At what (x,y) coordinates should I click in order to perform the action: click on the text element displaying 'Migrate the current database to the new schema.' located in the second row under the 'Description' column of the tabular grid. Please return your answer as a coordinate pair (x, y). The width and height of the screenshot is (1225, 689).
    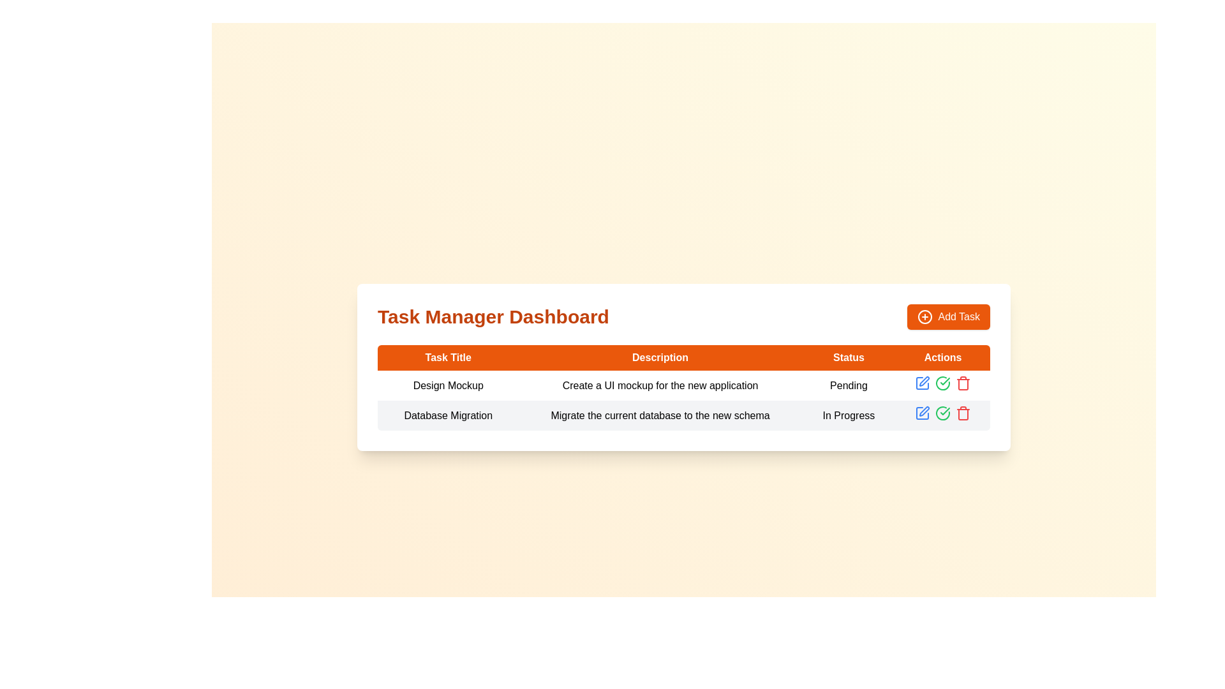
    Looking at the image, I should click on (660, 415).